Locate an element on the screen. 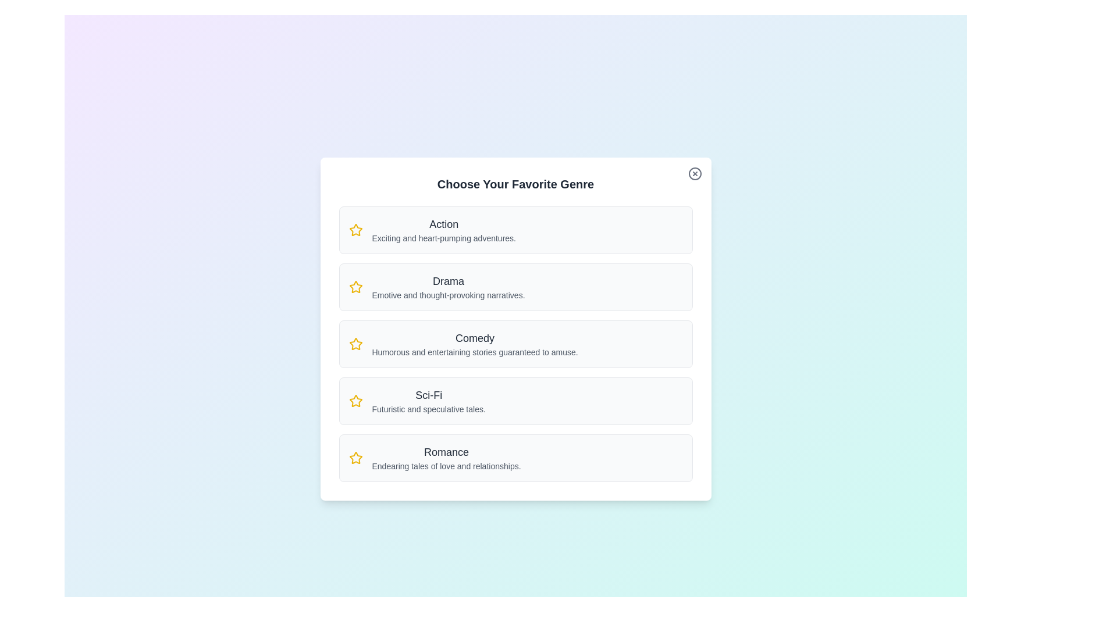 The width and height of the screenshot is (1117, 628). the genre description for Romance is located at coordinates (446, 457).